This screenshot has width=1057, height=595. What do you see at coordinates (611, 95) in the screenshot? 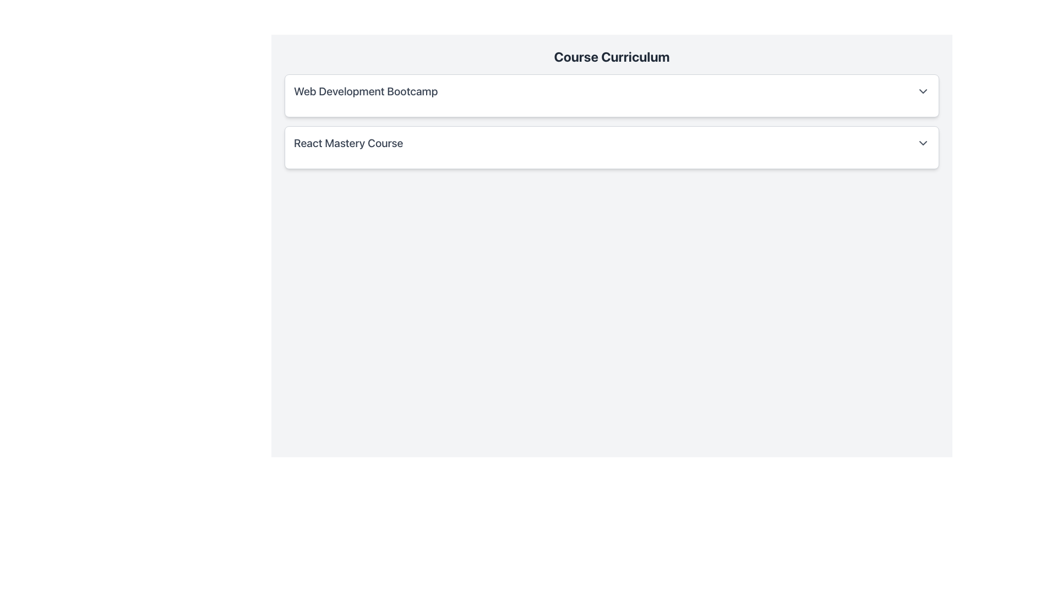
I see `the 'Web Development Bootcamp' Dropdown Card, which is the first item` at bounding box center [611, 95].